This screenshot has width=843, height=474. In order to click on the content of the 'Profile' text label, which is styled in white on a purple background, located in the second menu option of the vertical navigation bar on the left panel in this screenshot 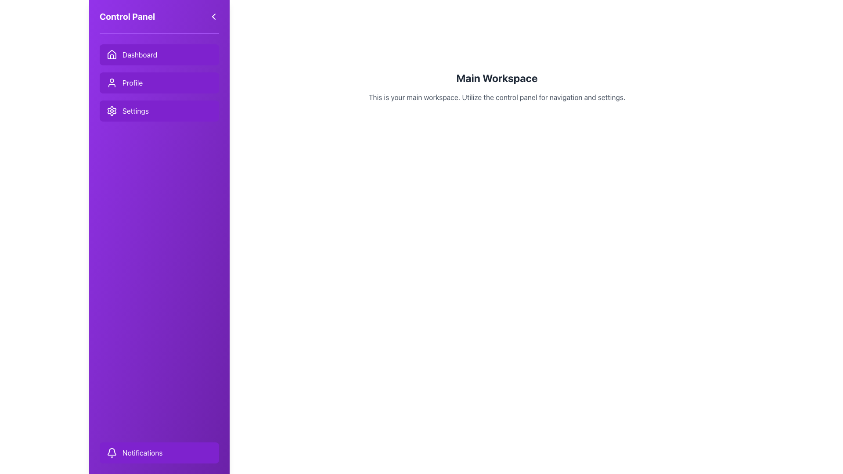, I will do `click(132, 83)`.